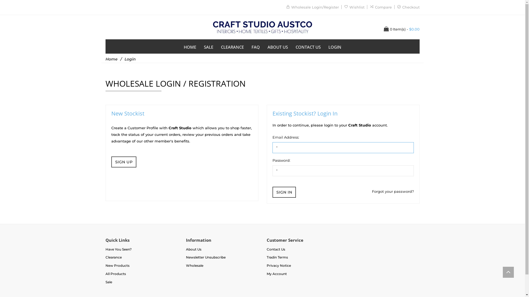  I want to click on 'LOGIN', so click(334, 46).